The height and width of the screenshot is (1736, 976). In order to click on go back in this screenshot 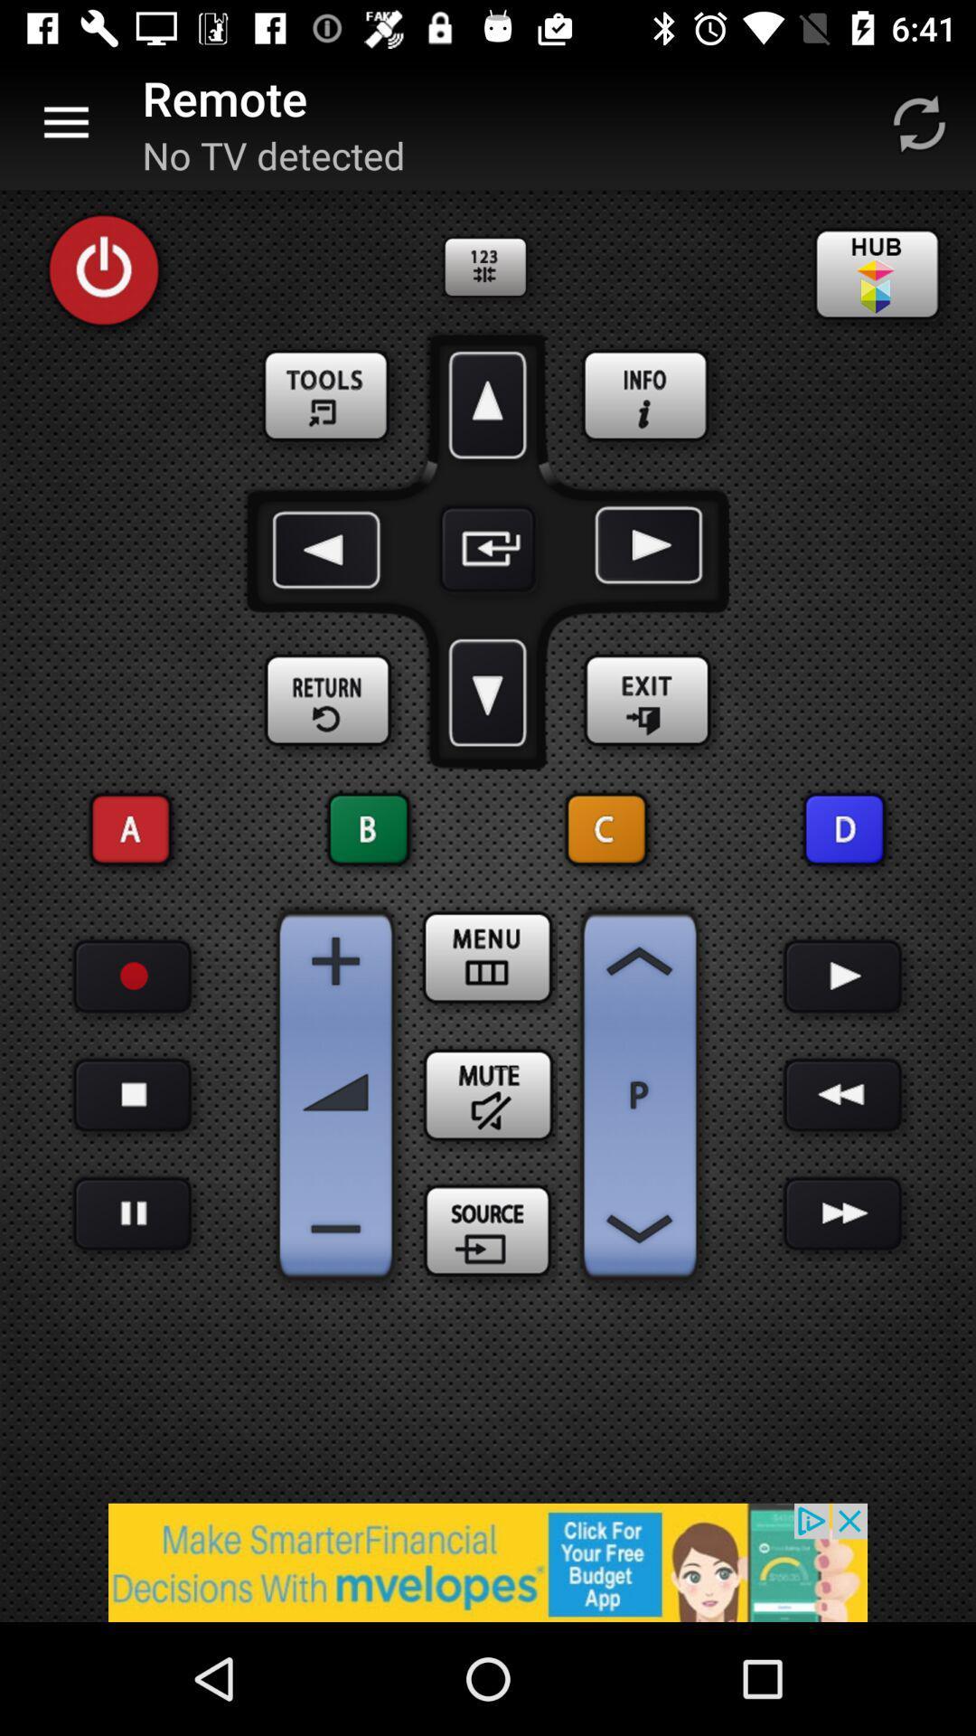, I will do `click(330, 548)`.